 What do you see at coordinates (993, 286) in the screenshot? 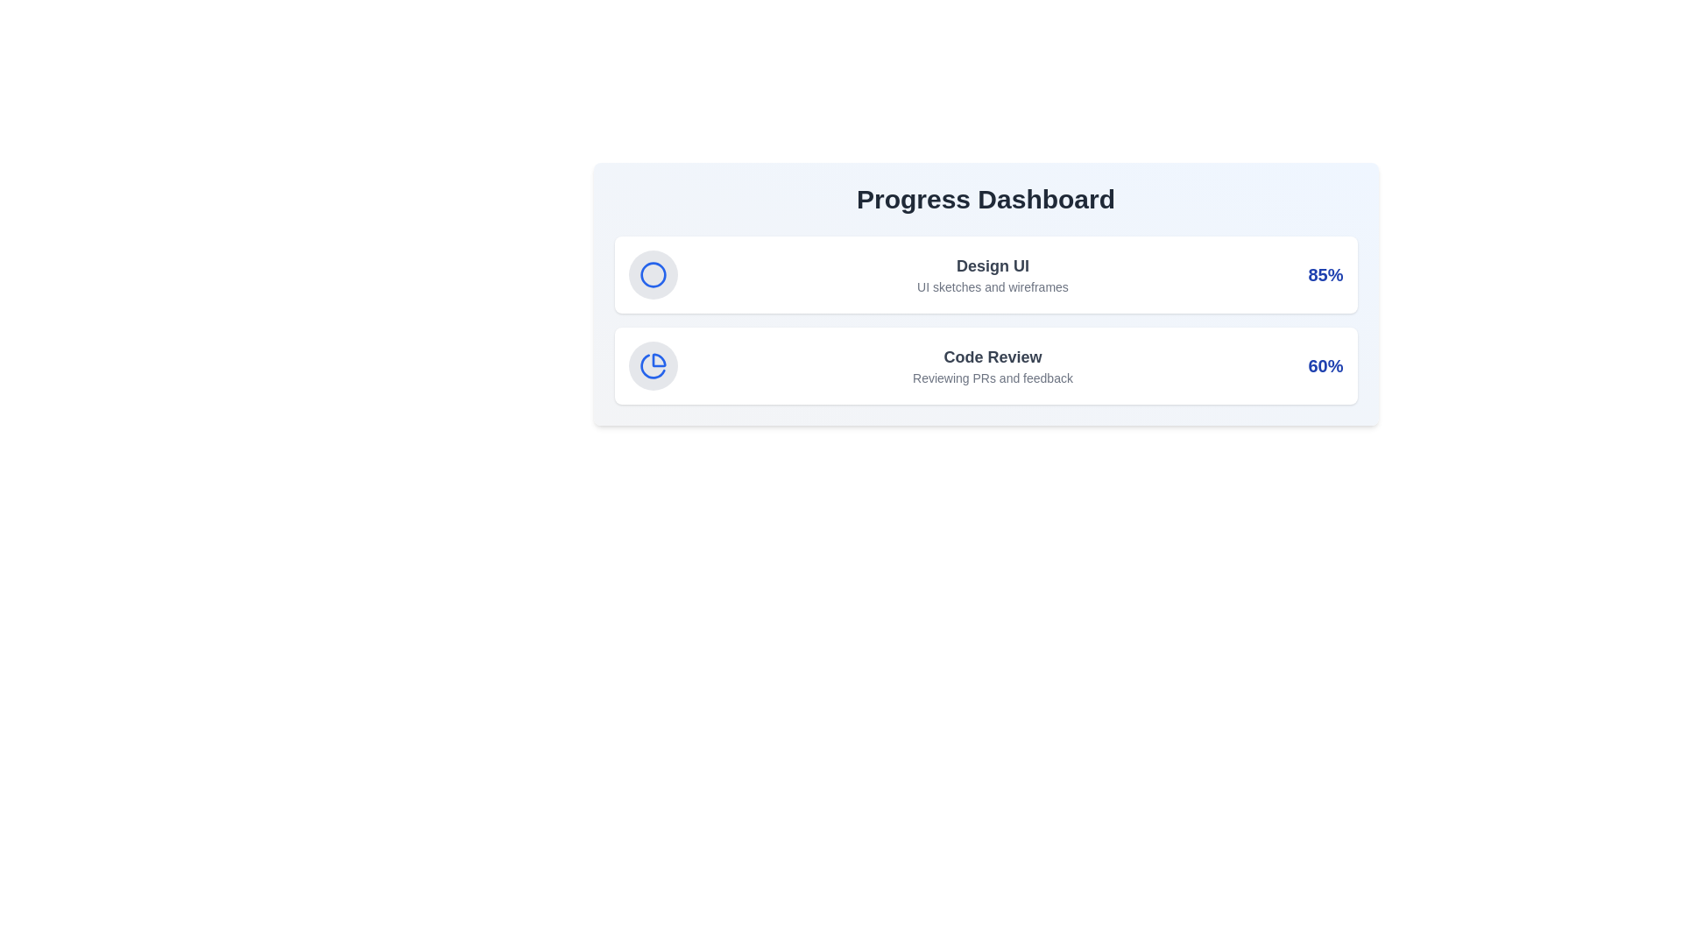
I see `the descriptive text label providing additional information for the 'Design UI' task, located below the 'Design UI' text in the progress dashboard interface` at bounding box center [993, 286].